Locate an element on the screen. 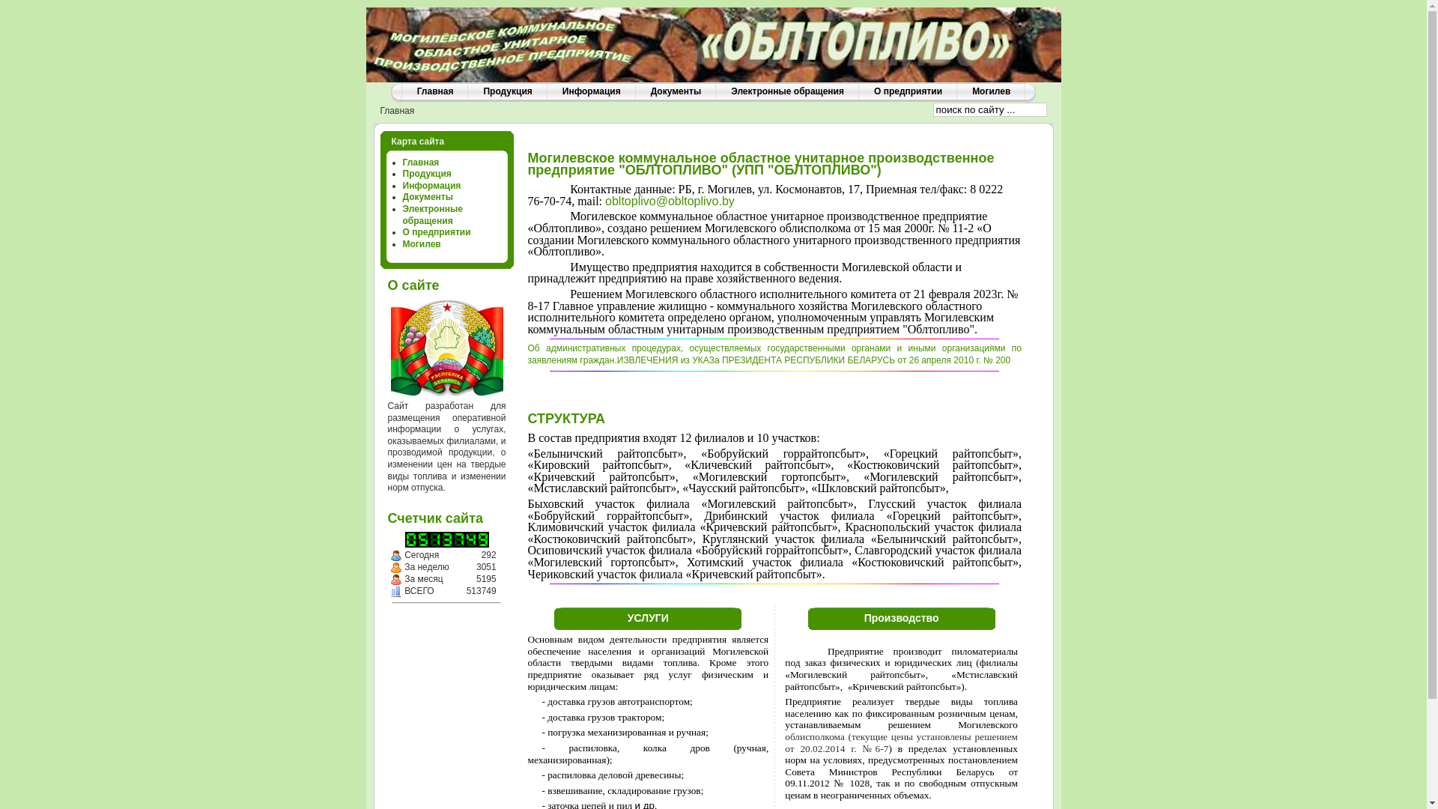 This screenshot has width=1438, height=809. 'Vinaora Visitors Counter' is located at coordinates (470, 539).